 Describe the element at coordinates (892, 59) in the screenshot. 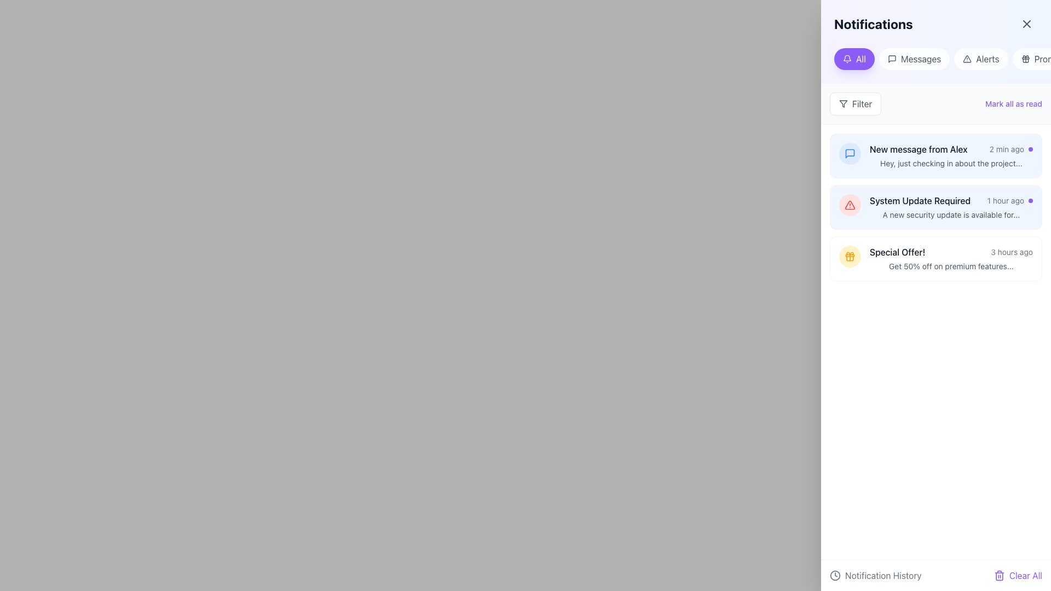

I see `the message icon, which resembles a speech bubble and is located in the top right section of the notification panel` at that location.